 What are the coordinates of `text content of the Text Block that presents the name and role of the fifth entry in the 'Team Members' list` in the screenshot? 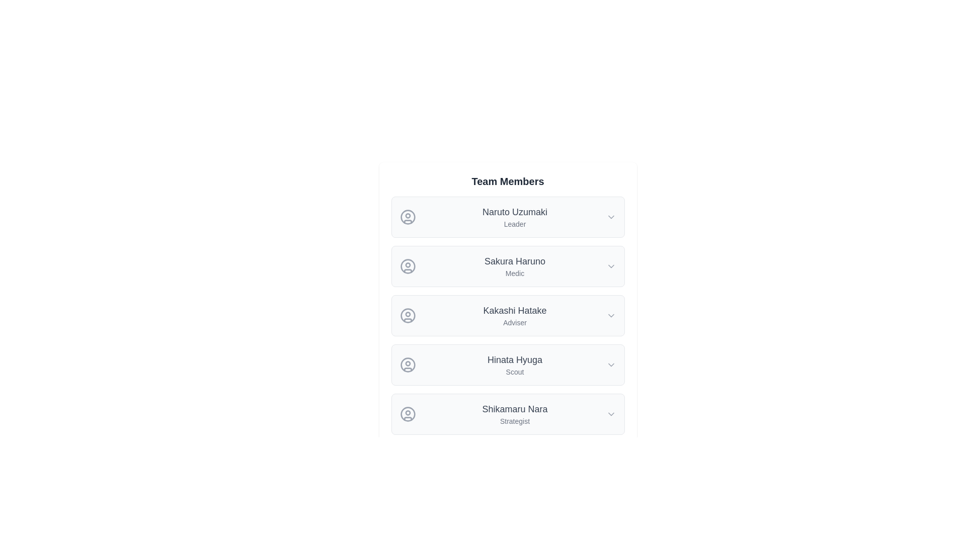 It's located at (515, 414).